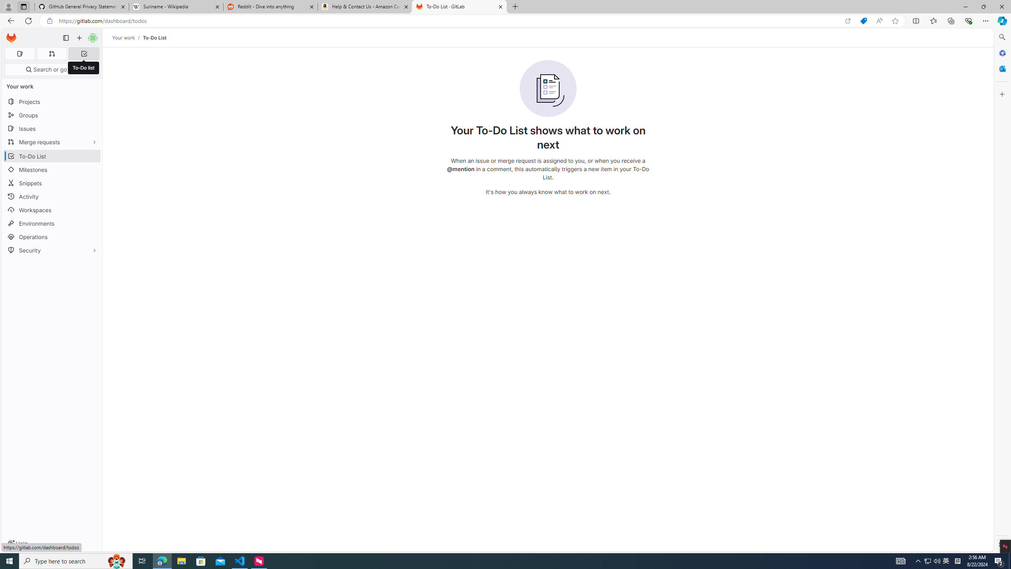  I want to click on 'Operations', so click(51, 236).